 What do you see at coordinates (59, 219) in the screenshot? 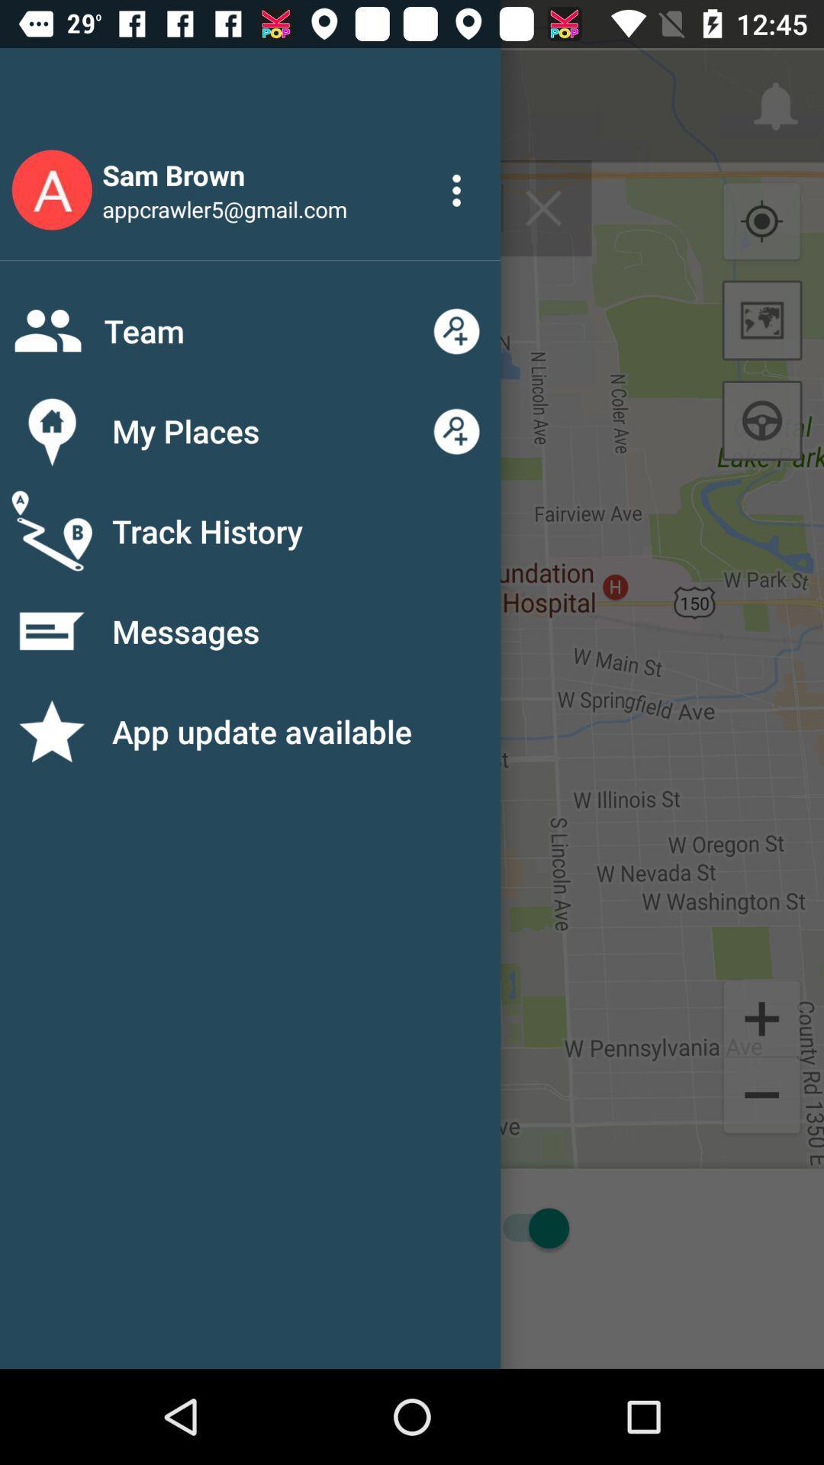
I see `the notifications icon` at bounding box center [59, 219].